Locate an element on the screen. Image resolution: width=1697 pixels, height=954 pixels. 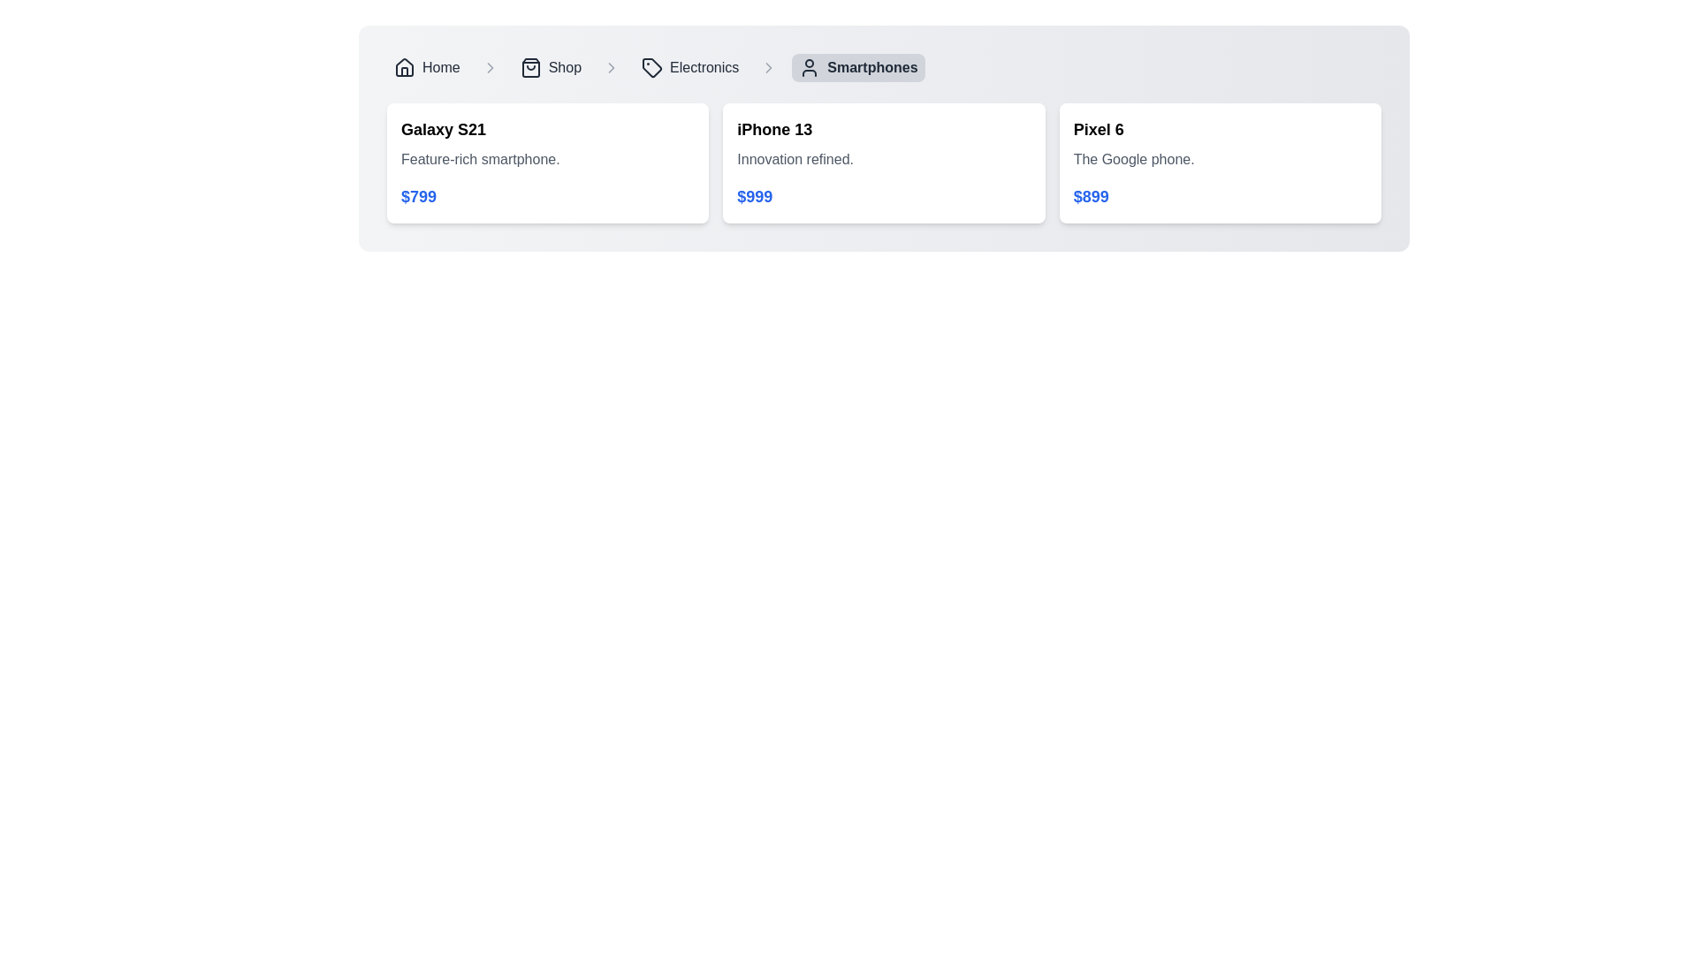
price information displayed in the blue, bold text label showing '$999', located beneath the descriptive text 'Innovation refined' in the second card of three is located at coordinates (755, 197).